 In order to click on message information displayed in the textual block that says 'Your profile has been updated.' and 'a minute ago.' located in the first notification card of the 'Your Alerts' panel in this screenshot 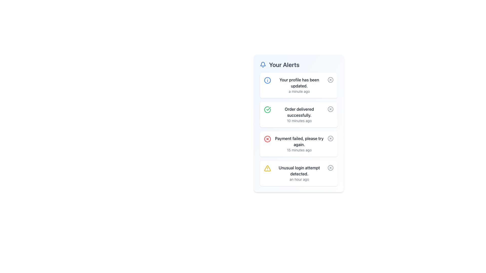, I will do `click(299, 85)`.